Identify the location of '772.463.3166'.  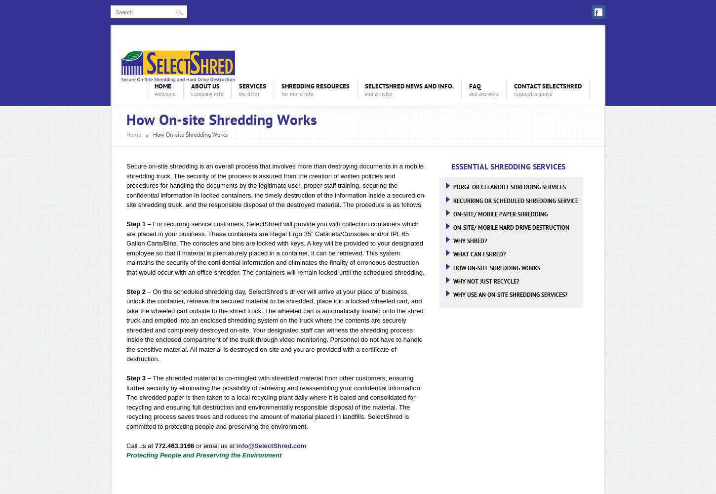
(174, 445).